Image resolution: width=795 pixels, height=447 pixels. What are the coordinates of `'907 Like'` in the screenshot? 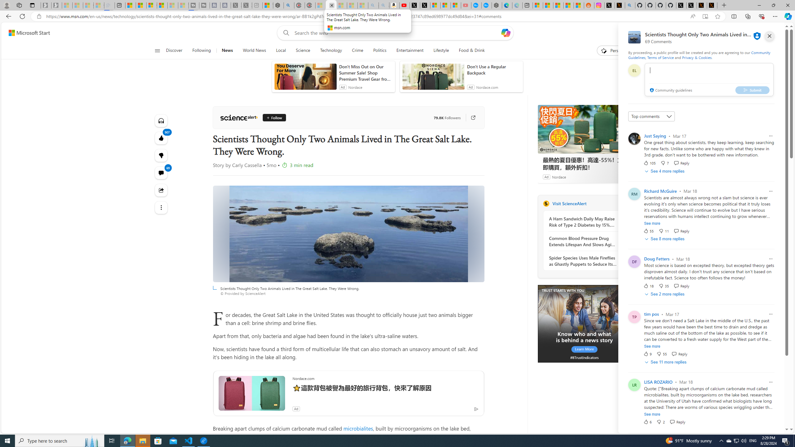 It's located at (161, 138).